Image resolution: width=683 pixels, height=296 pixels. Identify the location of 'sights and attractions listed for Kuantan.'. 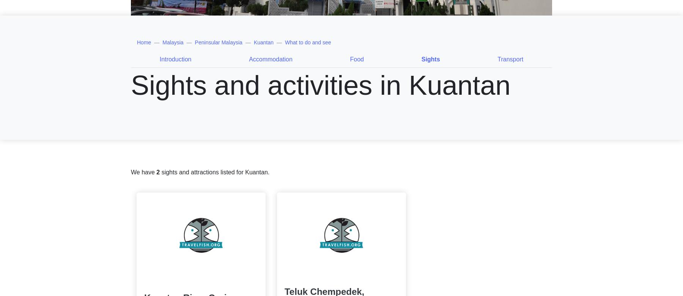
(214, 172).